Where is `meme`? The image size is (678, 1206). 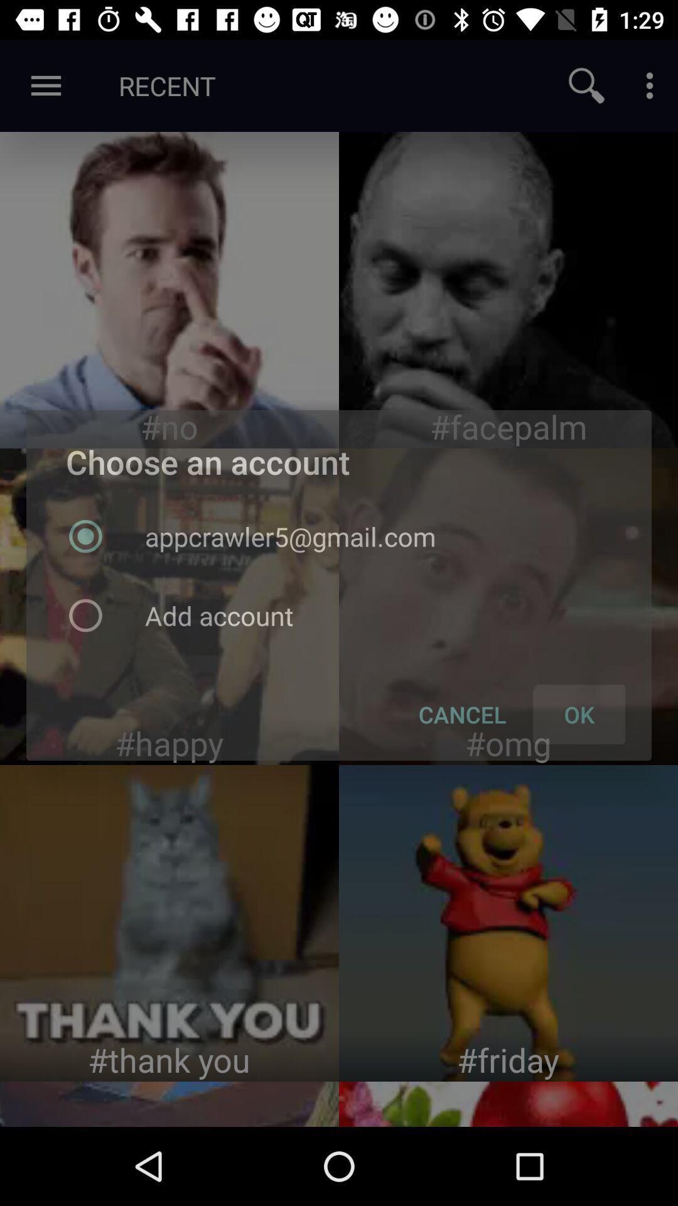
meme is located at coordinates (169, 923).